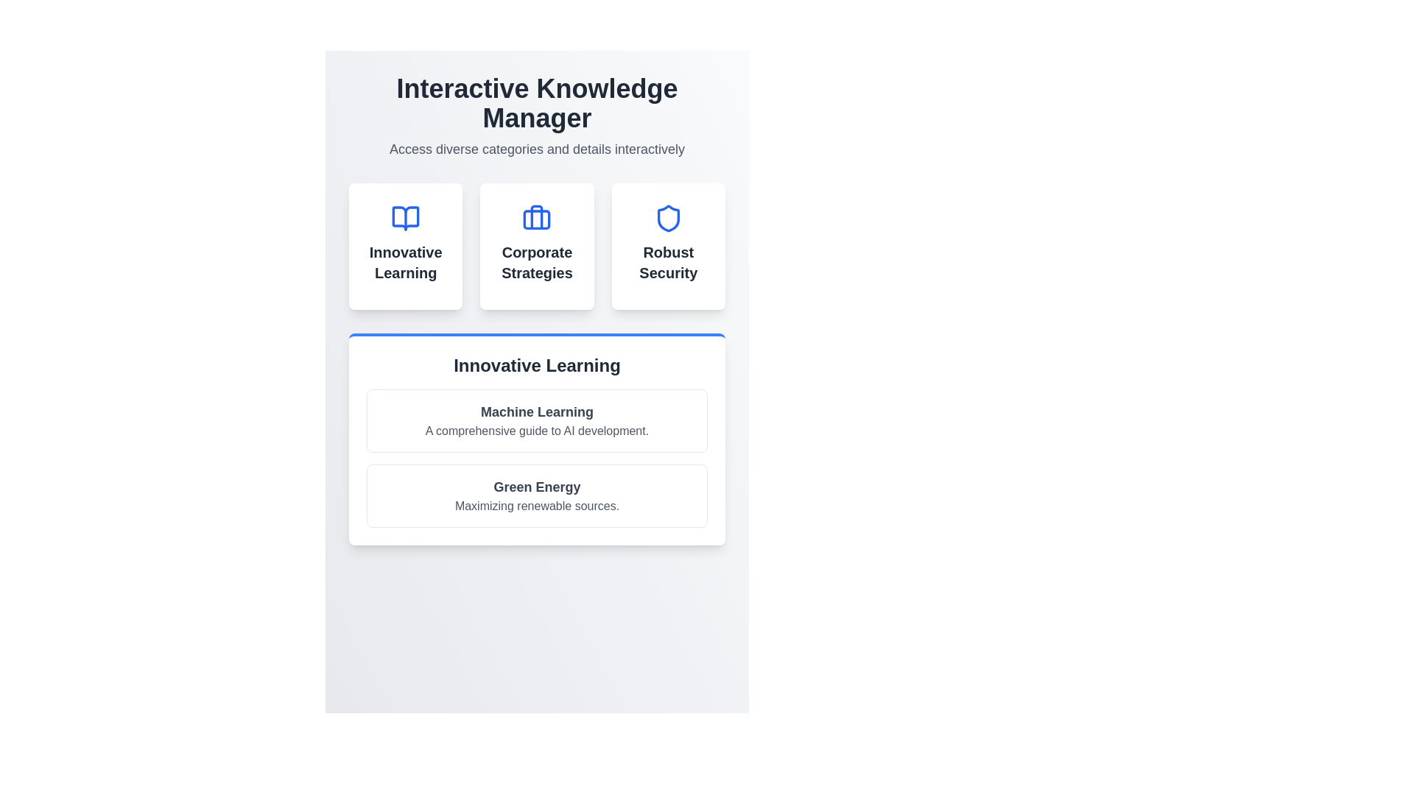 The width and height of the screenshot is (1414, 795). I want to click on main title text element located at the top center of the main page view, which is larger and bolder than the subtitle beneath it, so click(536, 103).